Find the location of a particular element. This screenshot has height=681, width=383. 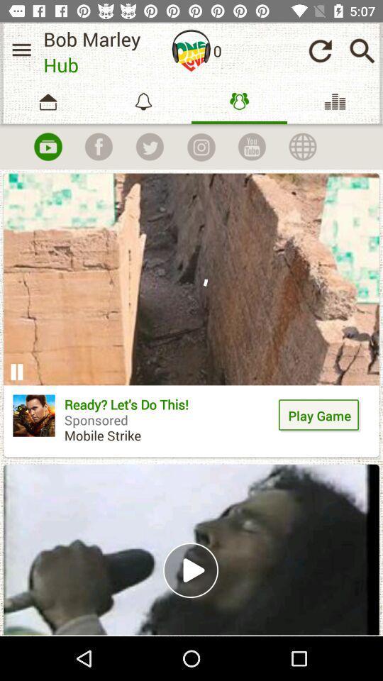

youtube is located at coordinates (251, 147).